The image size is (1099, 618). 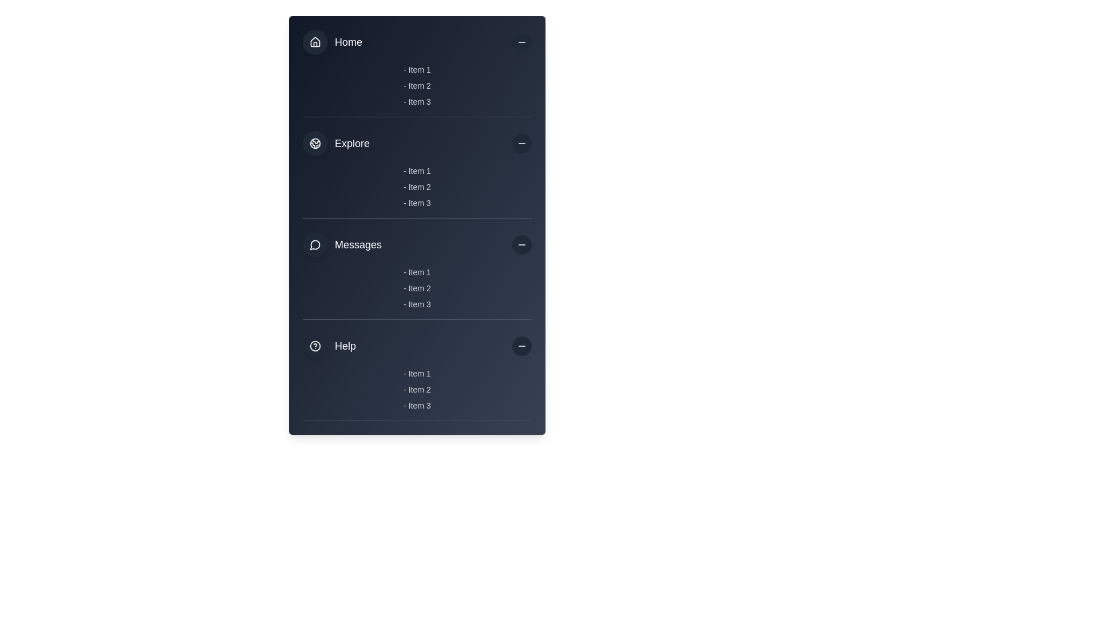 What do you see at coordinates (315, 41) in the screenshot?
I see `the house icon in the sidebar menu that is adjacent to the 'Home' label` at bounding box center [315, 41].